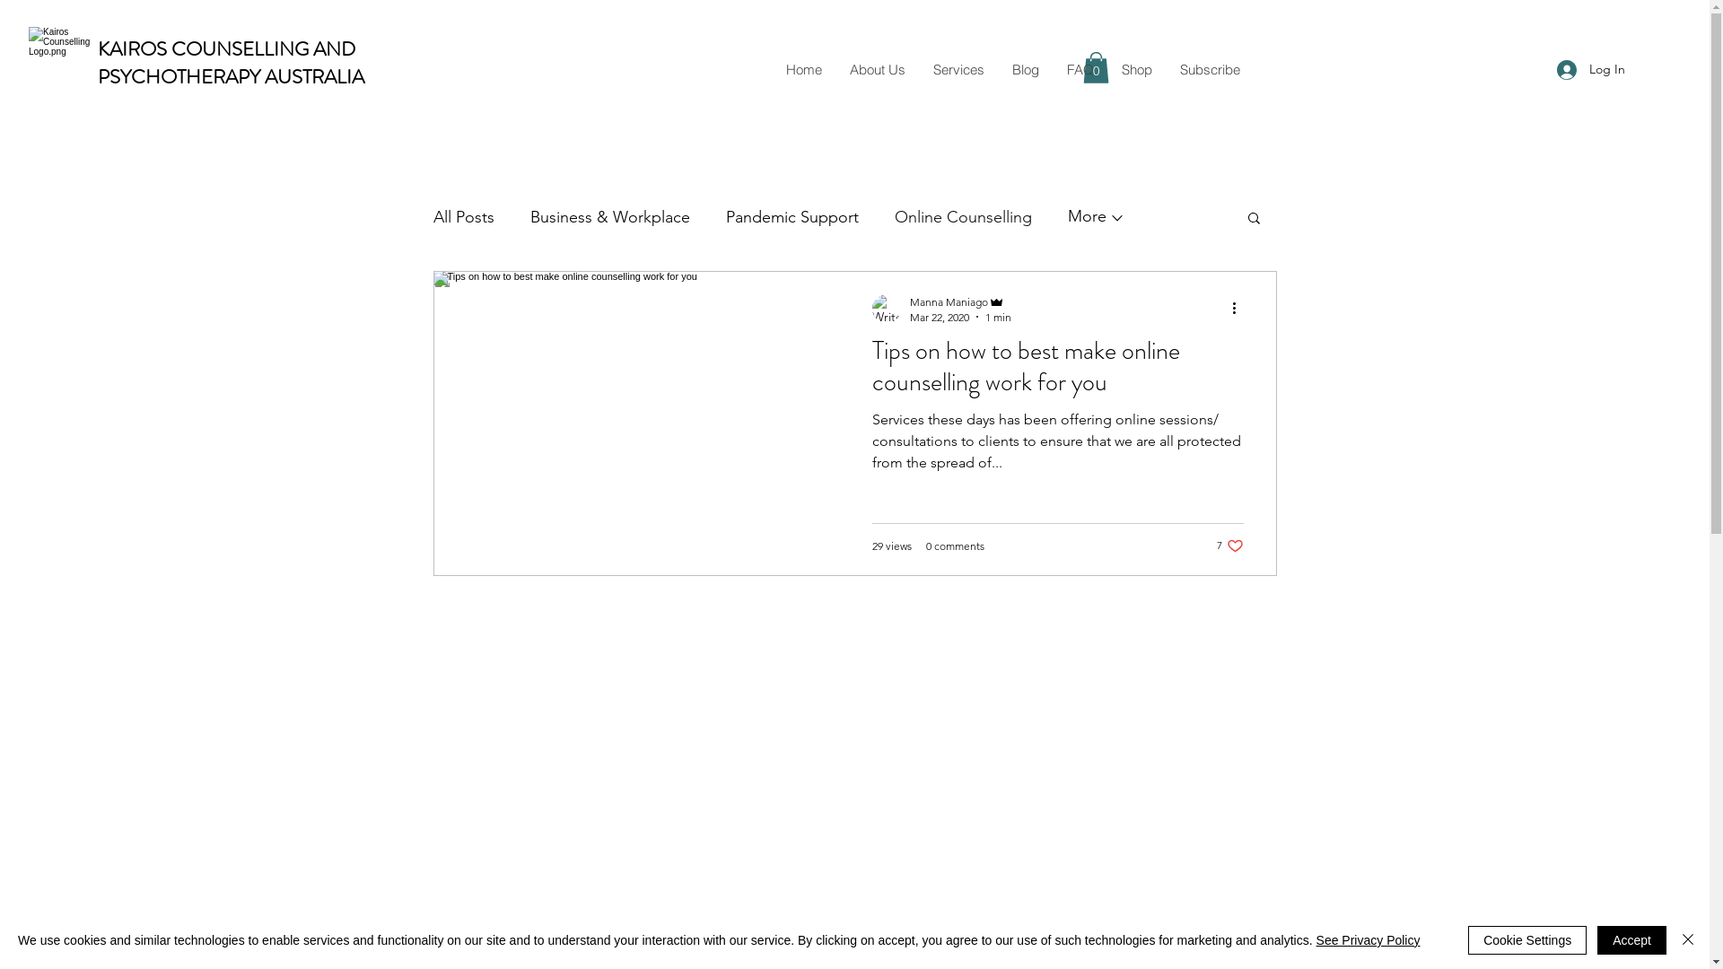 This screenshot has width=1723, height=969. I want to click on '0', so click(1095, 66).